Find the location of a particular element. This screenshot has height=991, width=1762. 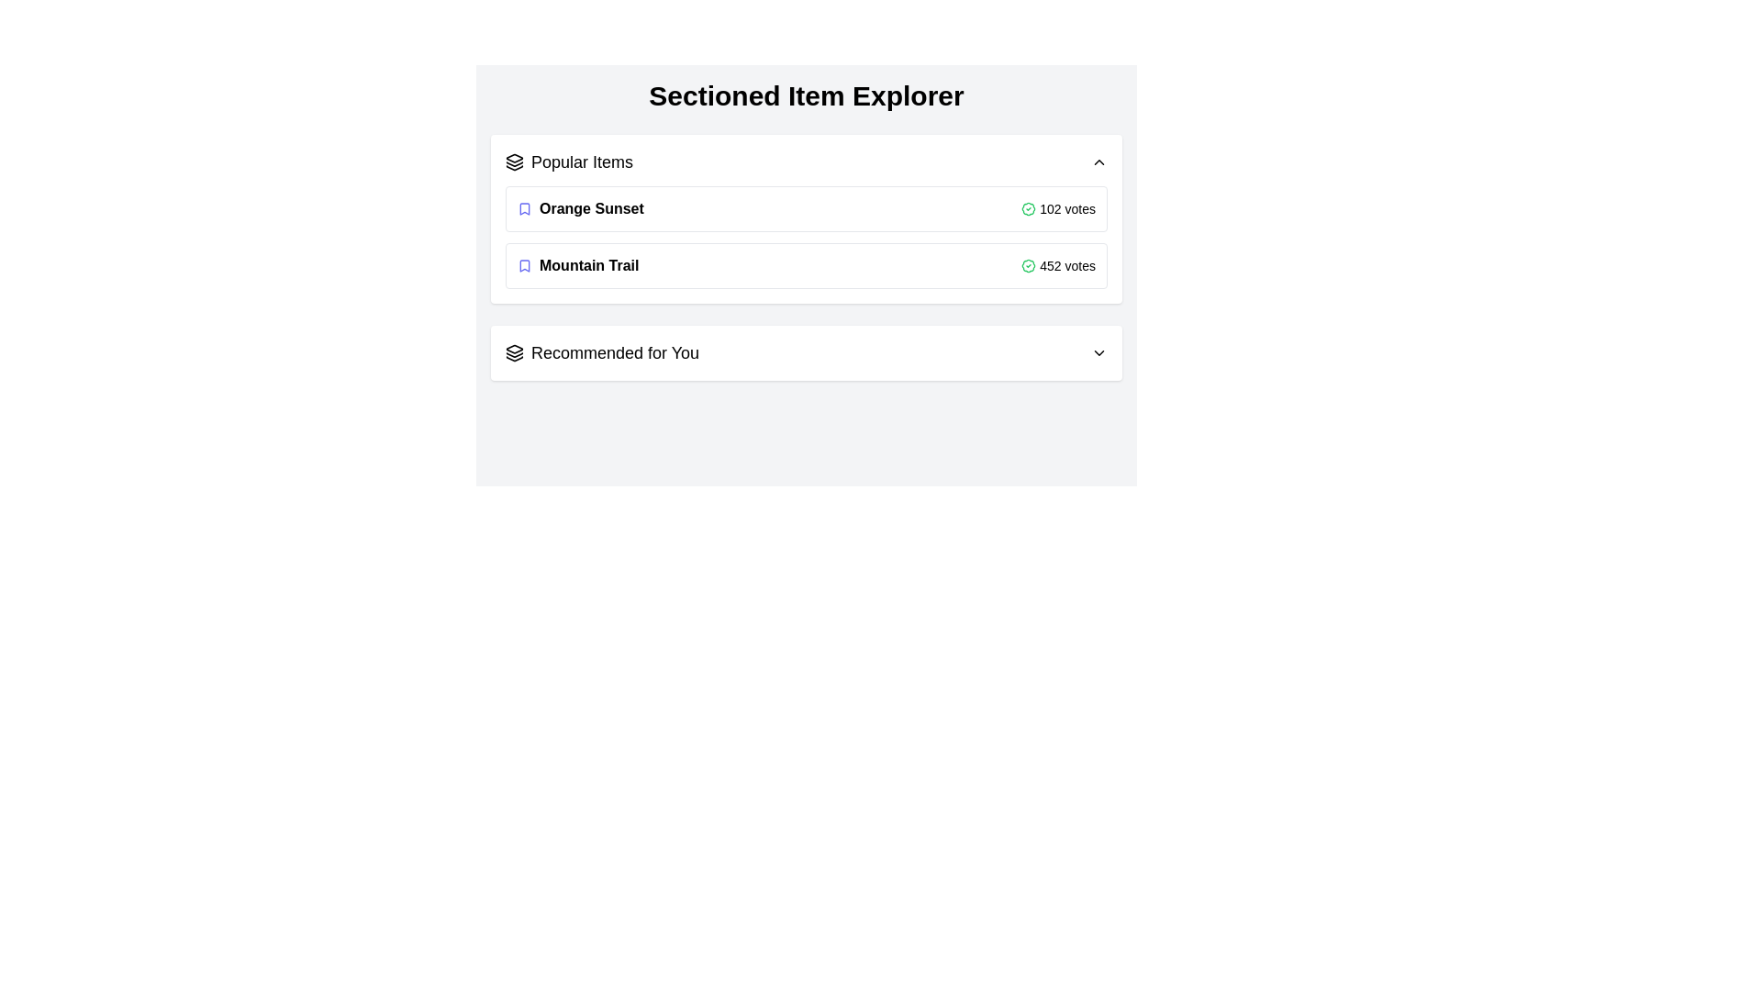

the text '102 votes' and the green checkmark icon located at the far-right side of the 'Orange Sunset' row in the 'Popular Items' section is located at coordinates (1058, 207).